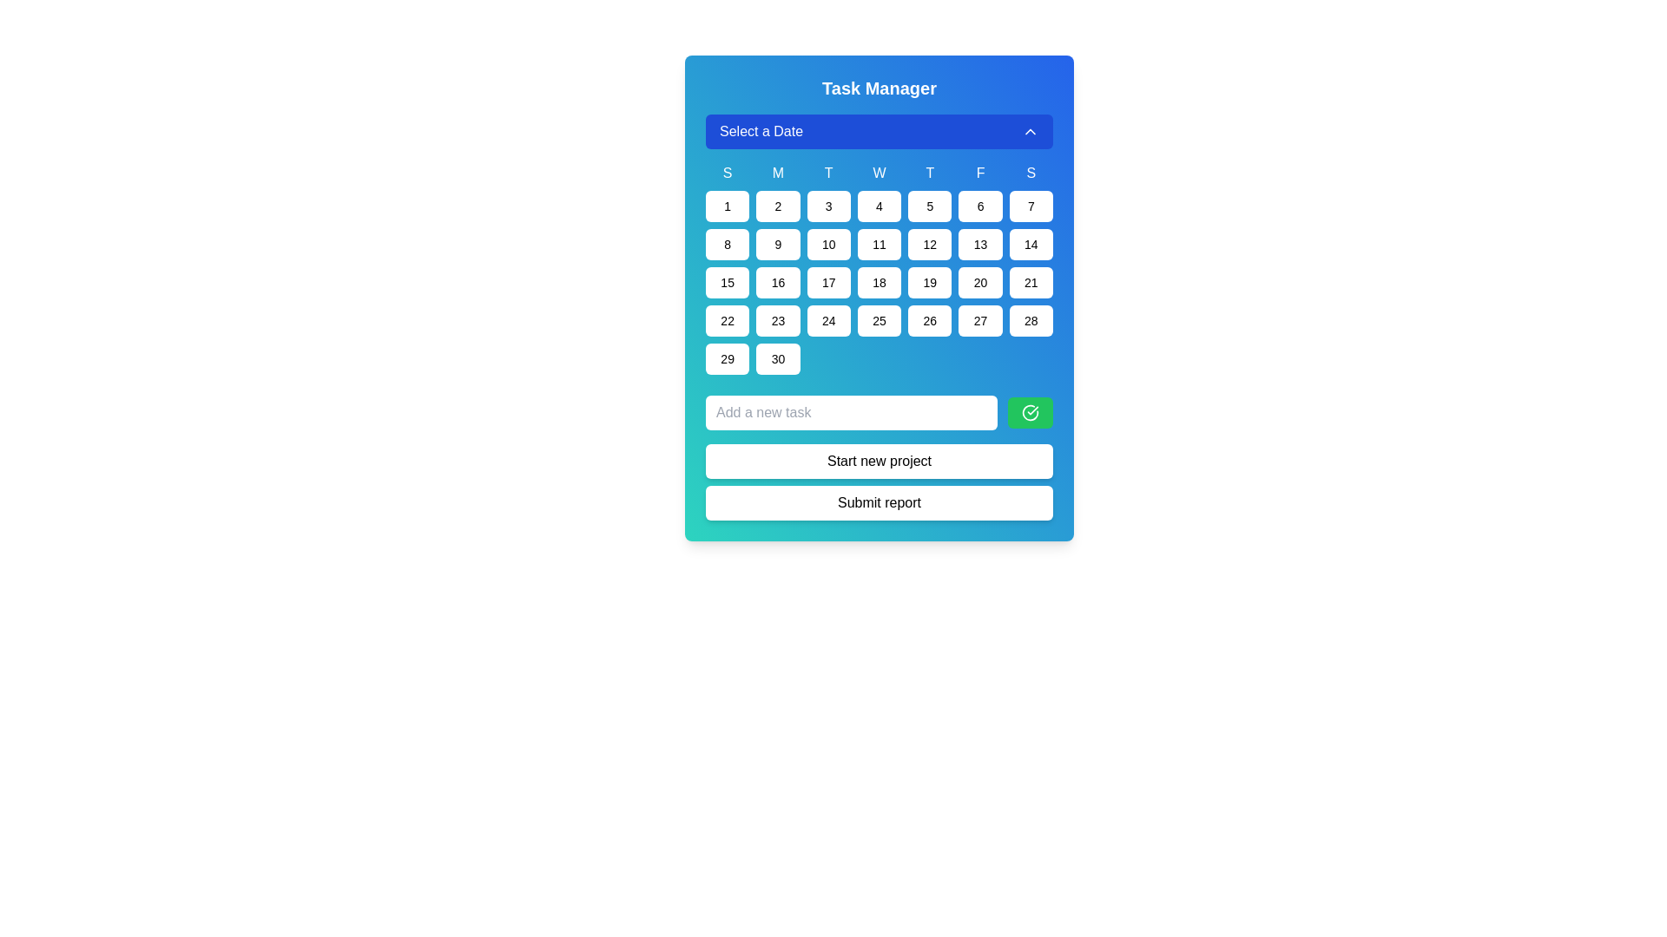 The width and height of the screenshot is (1667, 937). I want to click on the rectangular button displaying the number '25' to trigger the hover effect, which changes the background to green, so click(879, 321).